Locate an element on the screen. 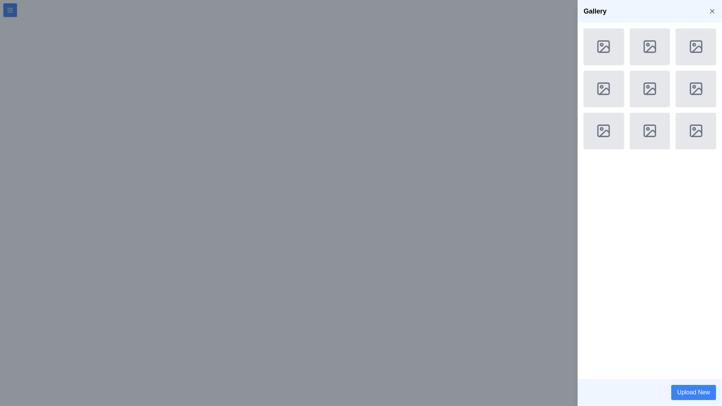 The height and width of the screenshot is (406, 722). the 'Upload New' button, which is a rectangular button with a blue background and white text located at the bottom-right corner of the interface is located at coordinates (693, 392).